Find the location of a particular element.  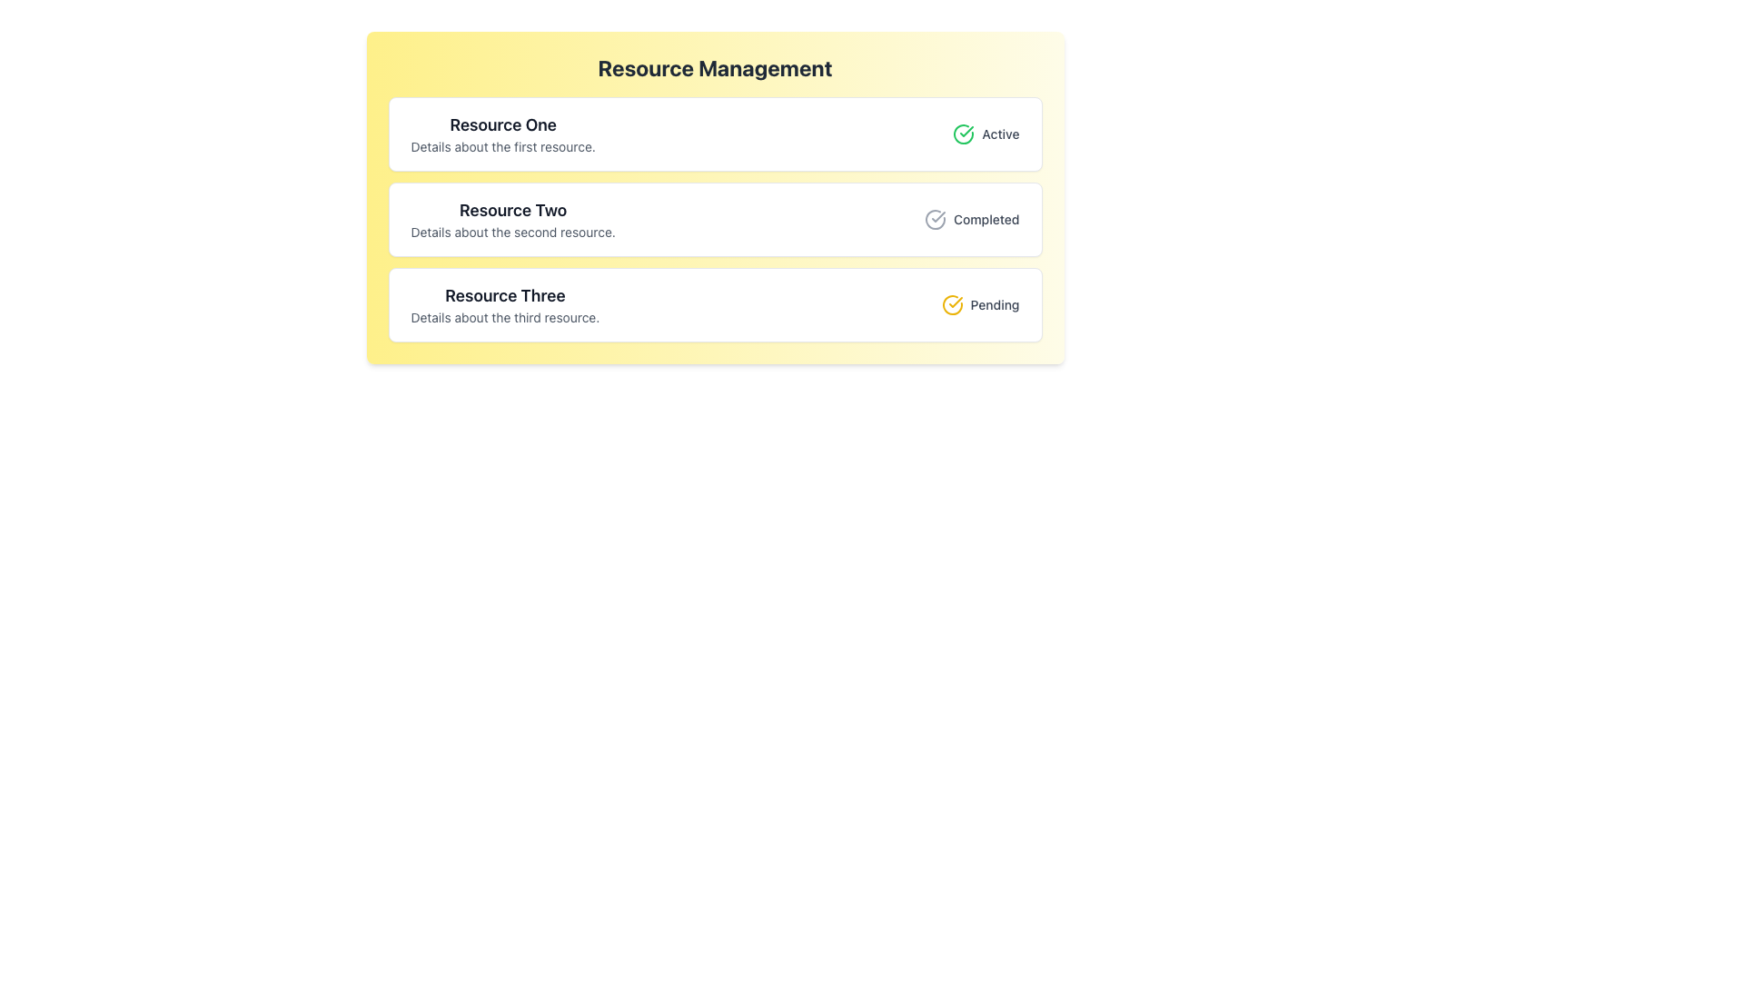

the text label displaying 'Active', which is styled in gray and located to the right of the green checkmark icon in the 'Resource One' row is located at coordinates (999, 133).